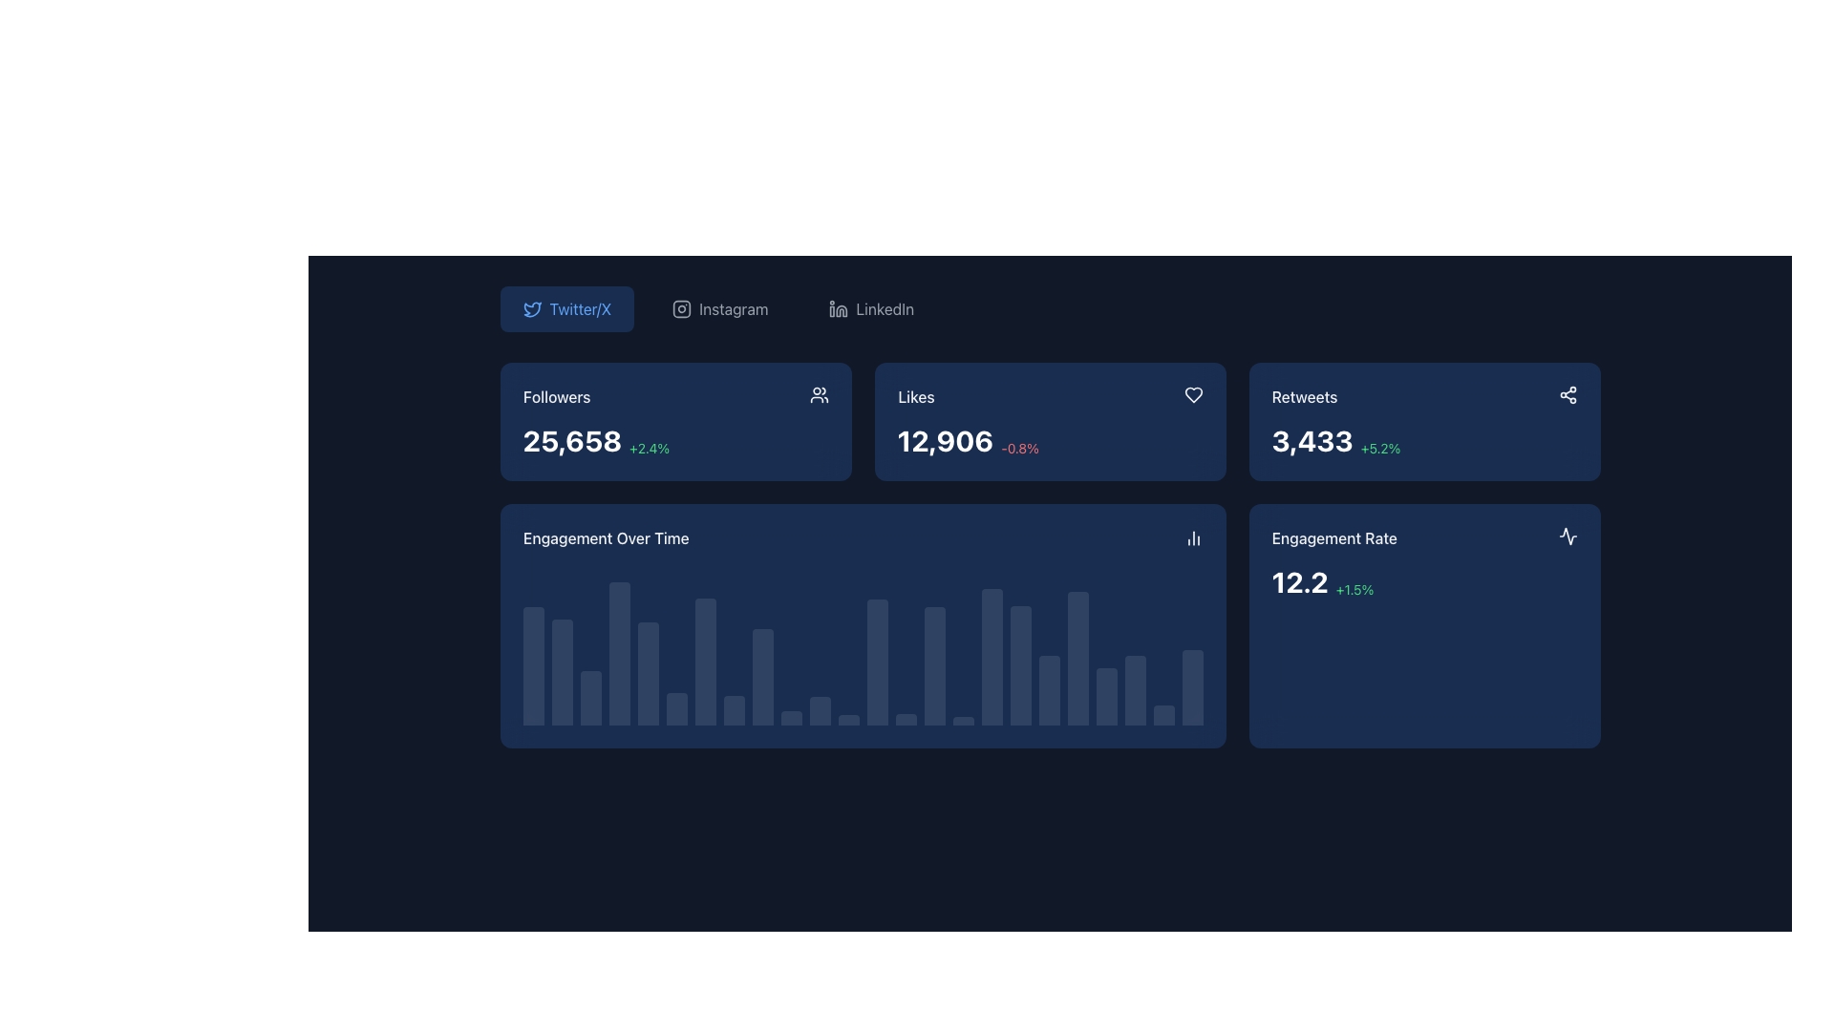 Image resolution: width=1834 pixels, height=1031 pixels. Describe the element at coordinates (1162, 715) in the screenshot. I see `the 24th bar in the horizontal bar chart` at that location.